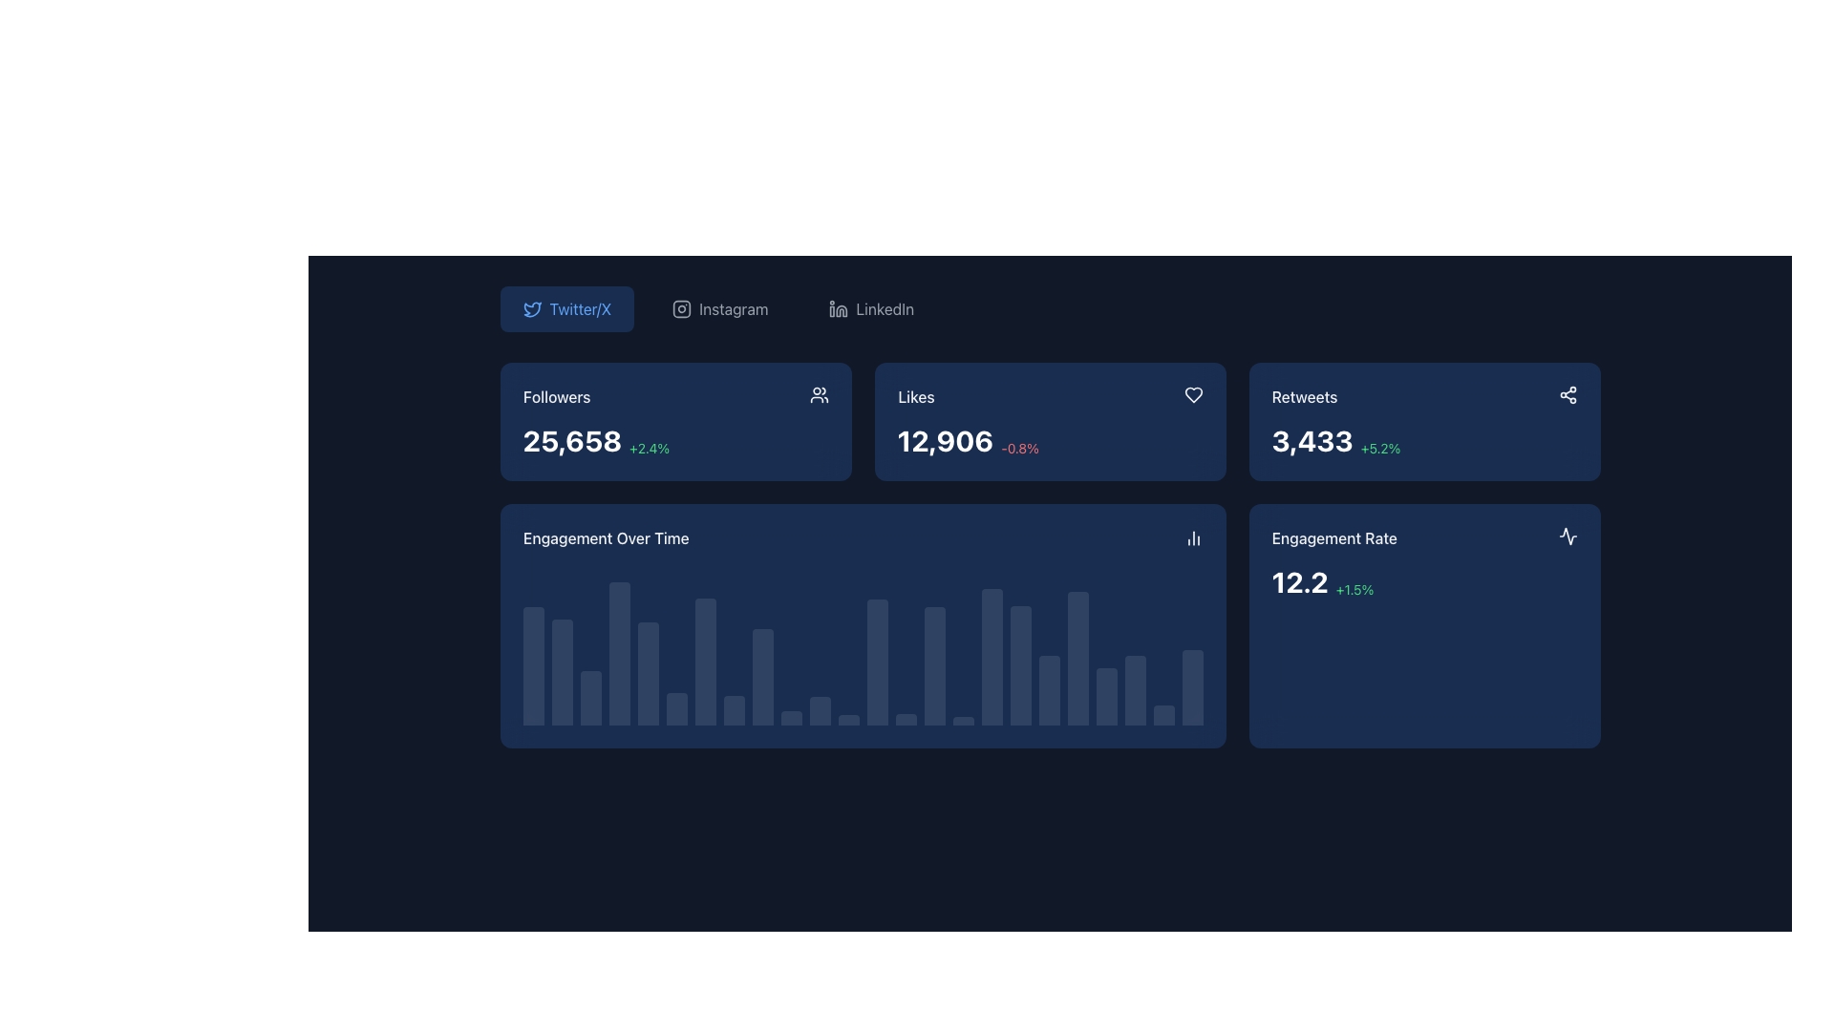 Image resolution: width=1834 pixels, height=1031 pixels. Describe the element at coordinates (1162, 715) in the screenshot. I see `the 24th bar in the horizontal bar chart` at that location.